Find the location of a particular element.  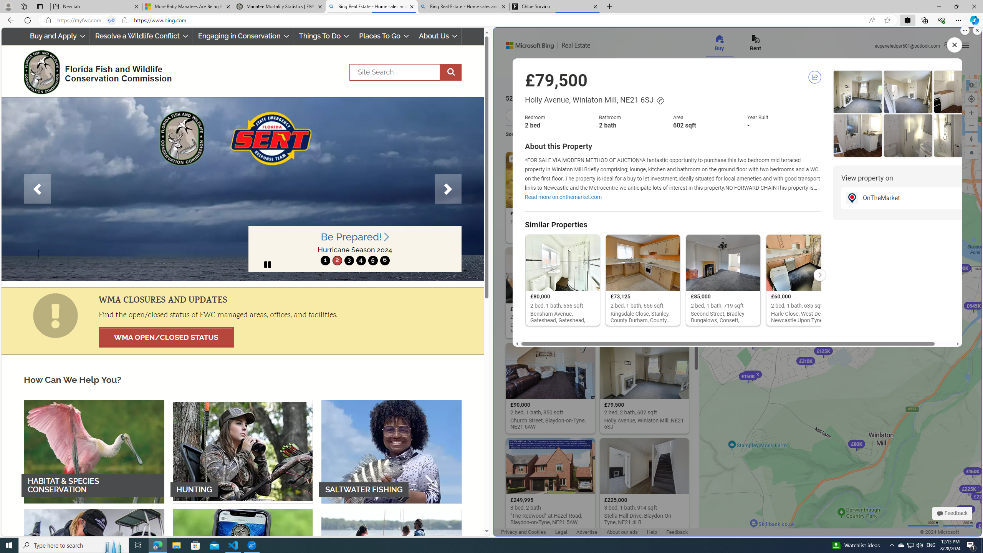

'Next' is located at coordinates (448, 189).